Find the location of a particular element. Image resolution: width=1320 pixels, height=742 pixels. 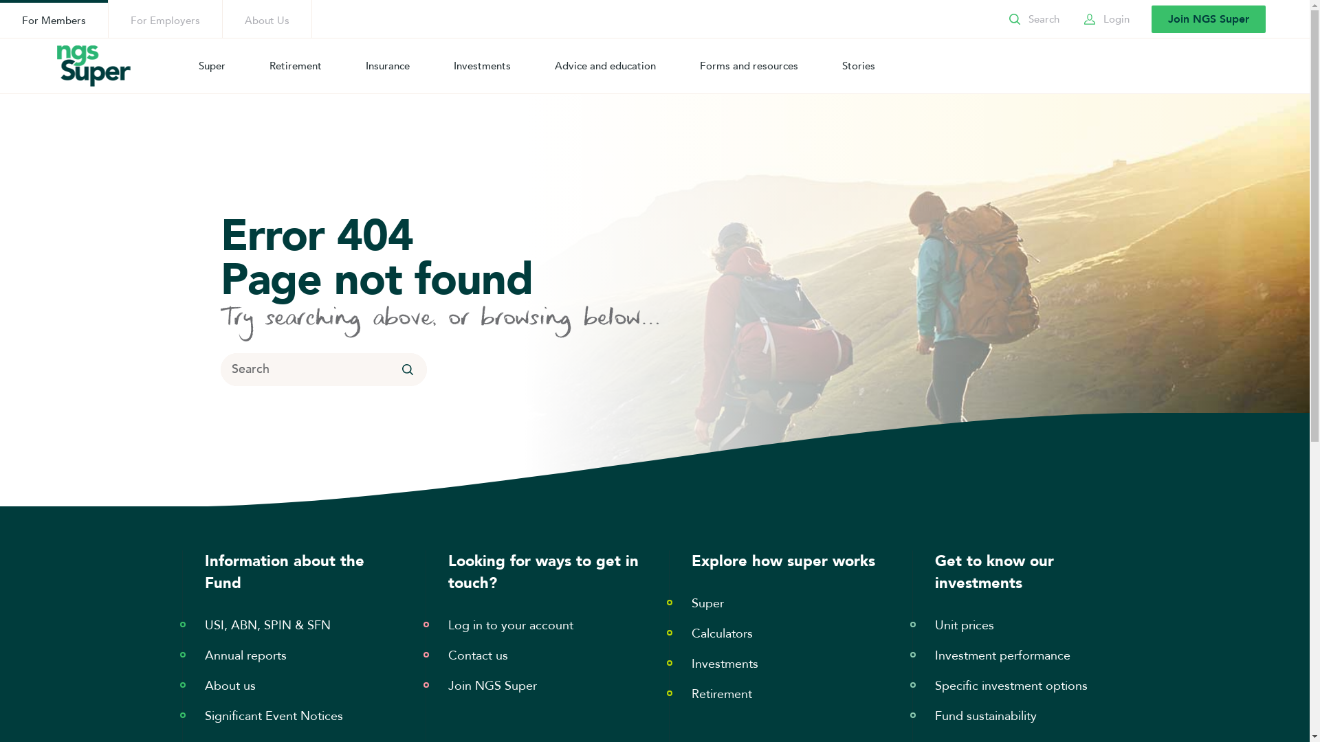

'Unit prices' is located at coordinates (963, 625).